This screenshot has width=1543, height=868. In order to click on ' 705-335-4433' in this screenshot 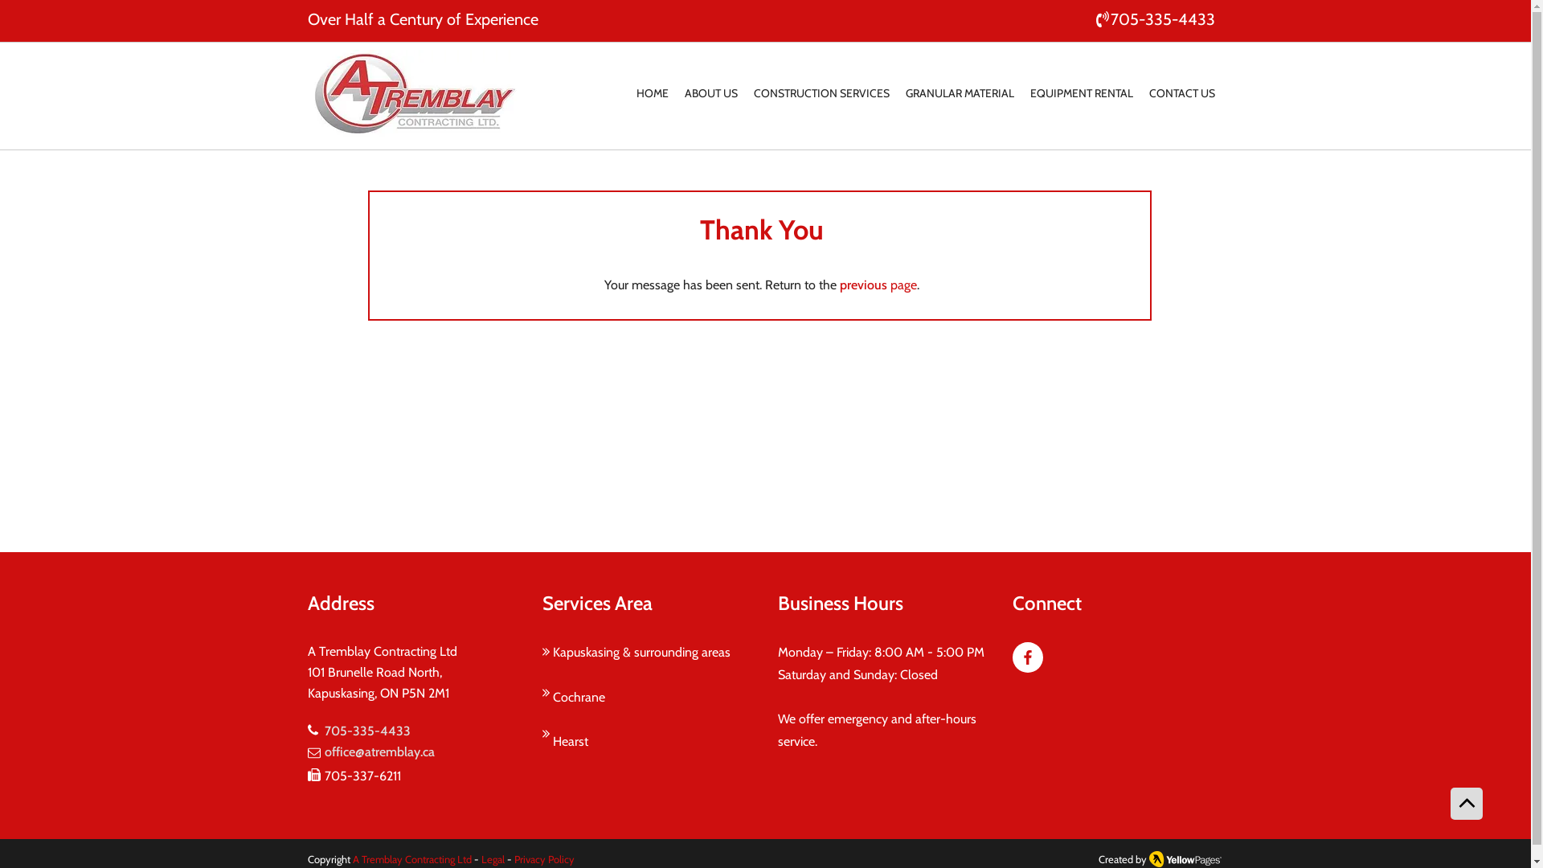, I will do `click(1153, 18)`.